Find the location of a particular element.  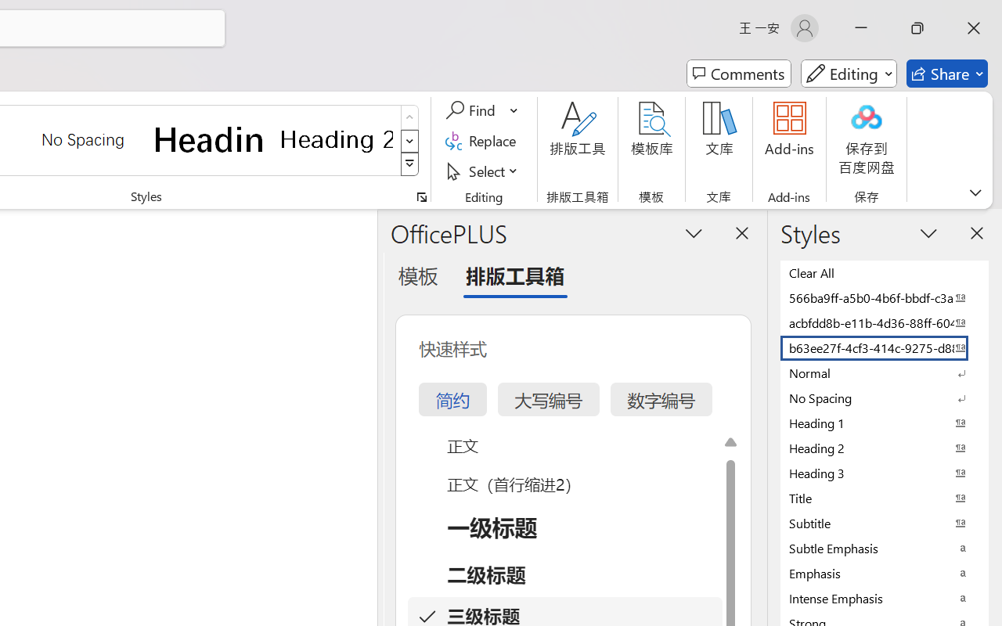

'Subtitle' is located at coordinates (885, 523).